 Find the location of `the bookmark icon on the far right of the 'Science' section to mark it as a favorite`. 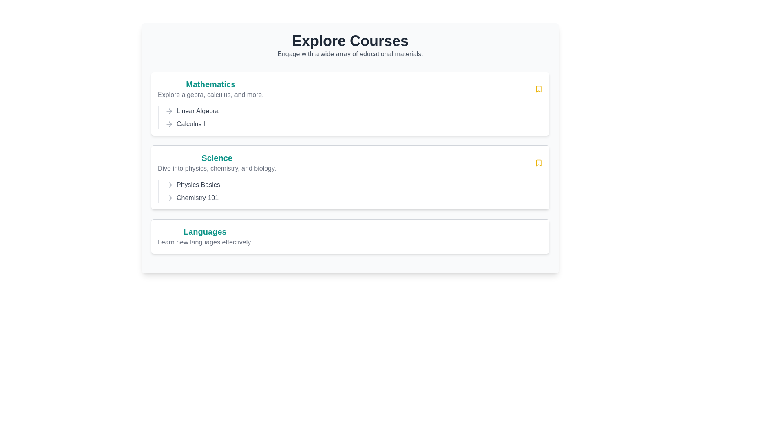

the bookmark icon on the far right of the 'Science' section to mark it as a favorite is located at coordinates (538, 163).